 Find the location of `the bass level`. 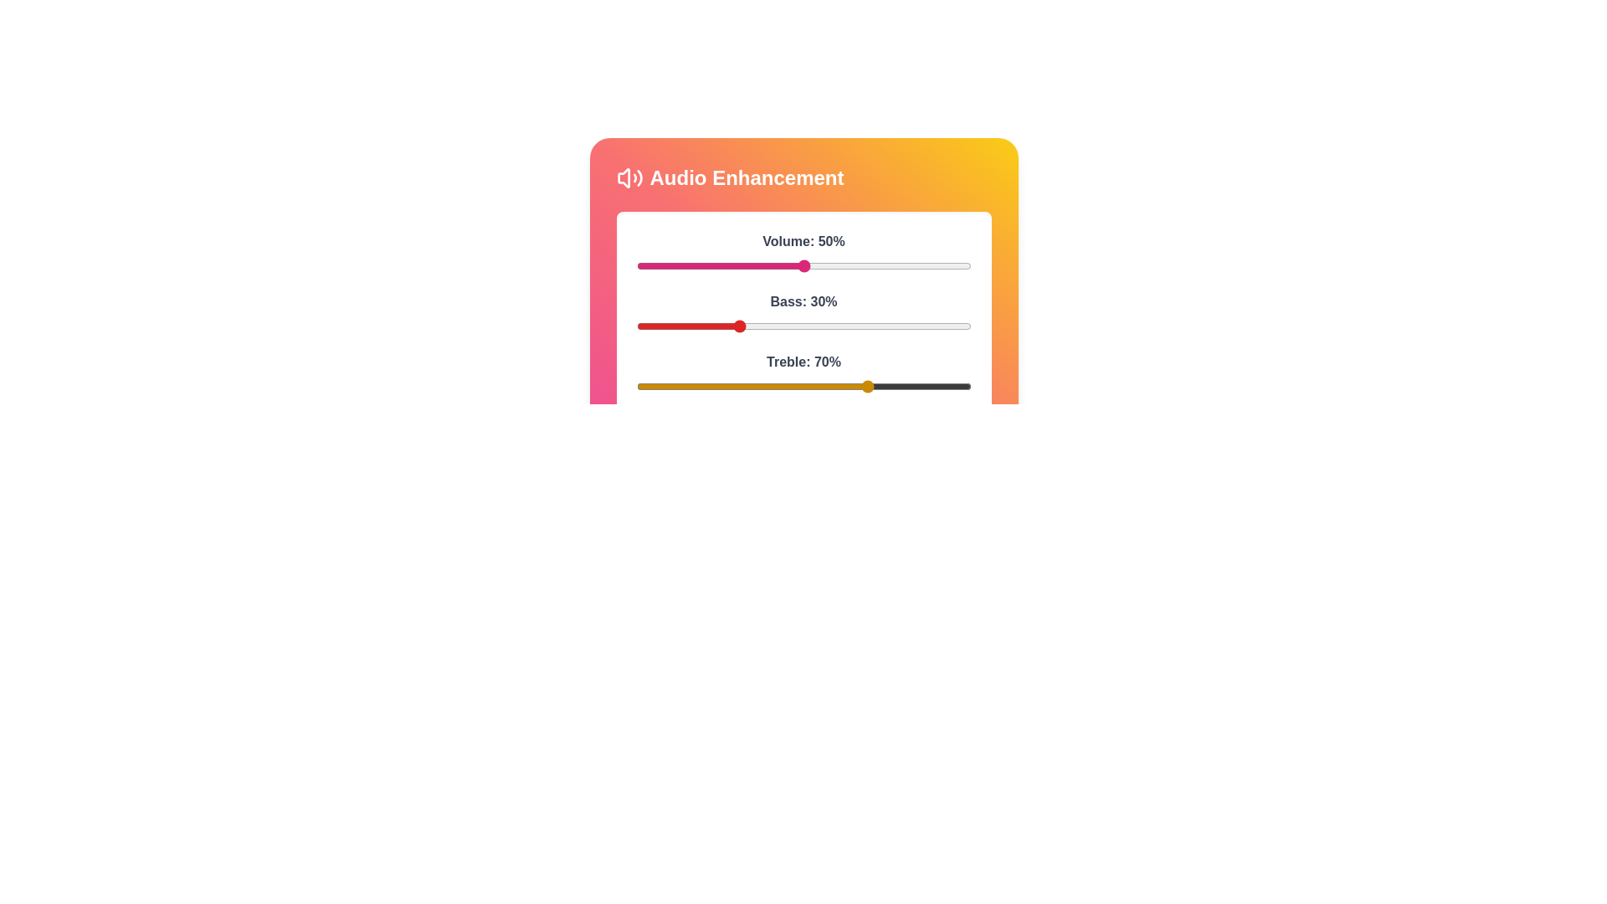

the bass level is located at coordinates (840, 326).